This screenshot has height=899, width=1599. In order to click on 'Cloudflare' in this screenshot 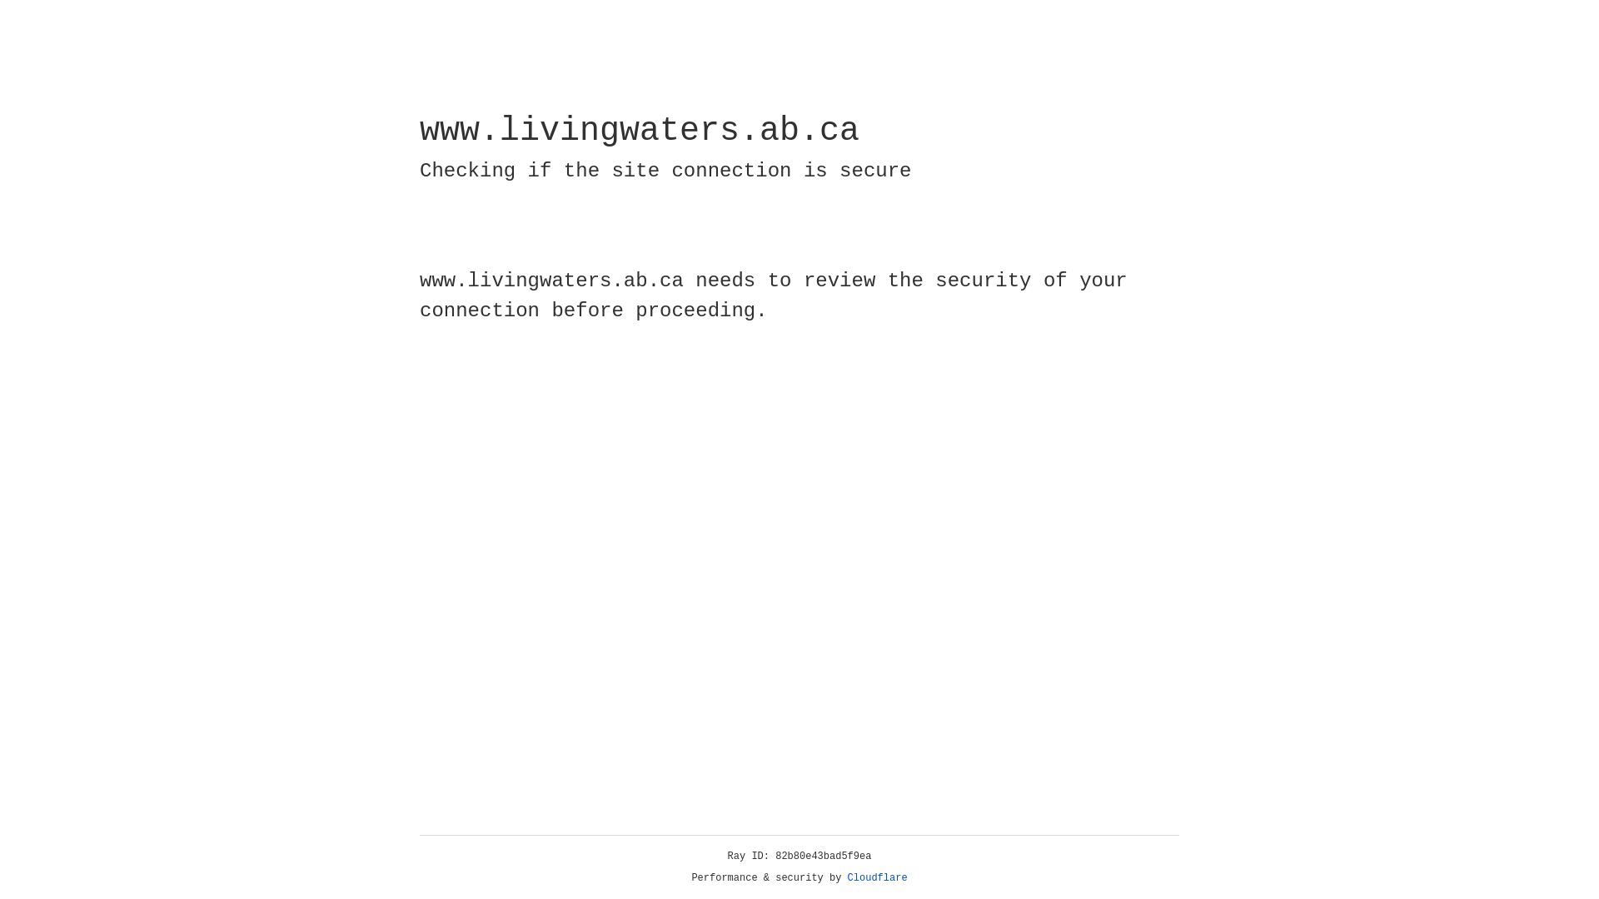, I will do `click(877, 877)`.